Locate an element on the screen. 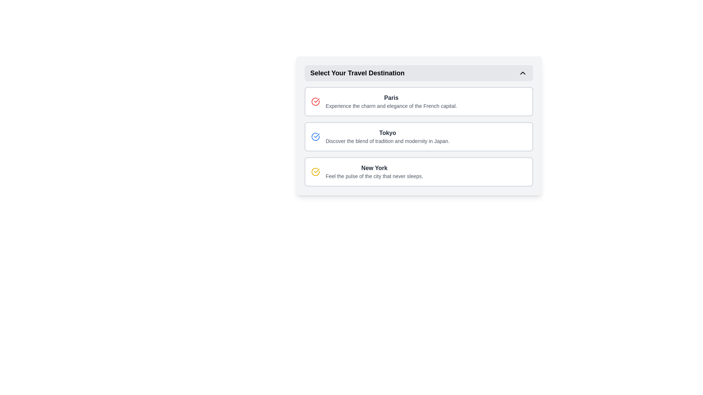  the Icon indicating selection for the 'Tokyo' travel destination option is located at coordinates (315, 137).